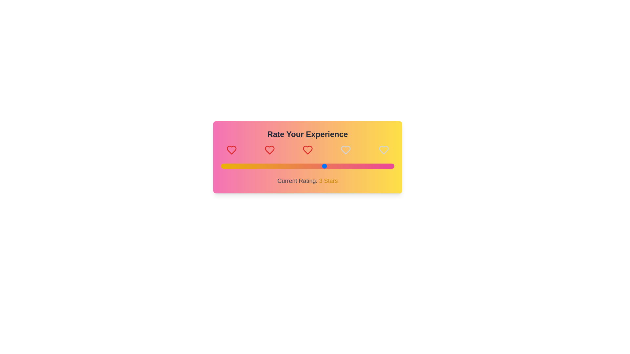  What do you see at coordinates (255, 166) in the screenshot?
I see `the rating slider to 1 stars` at bounding box center [255, 166].